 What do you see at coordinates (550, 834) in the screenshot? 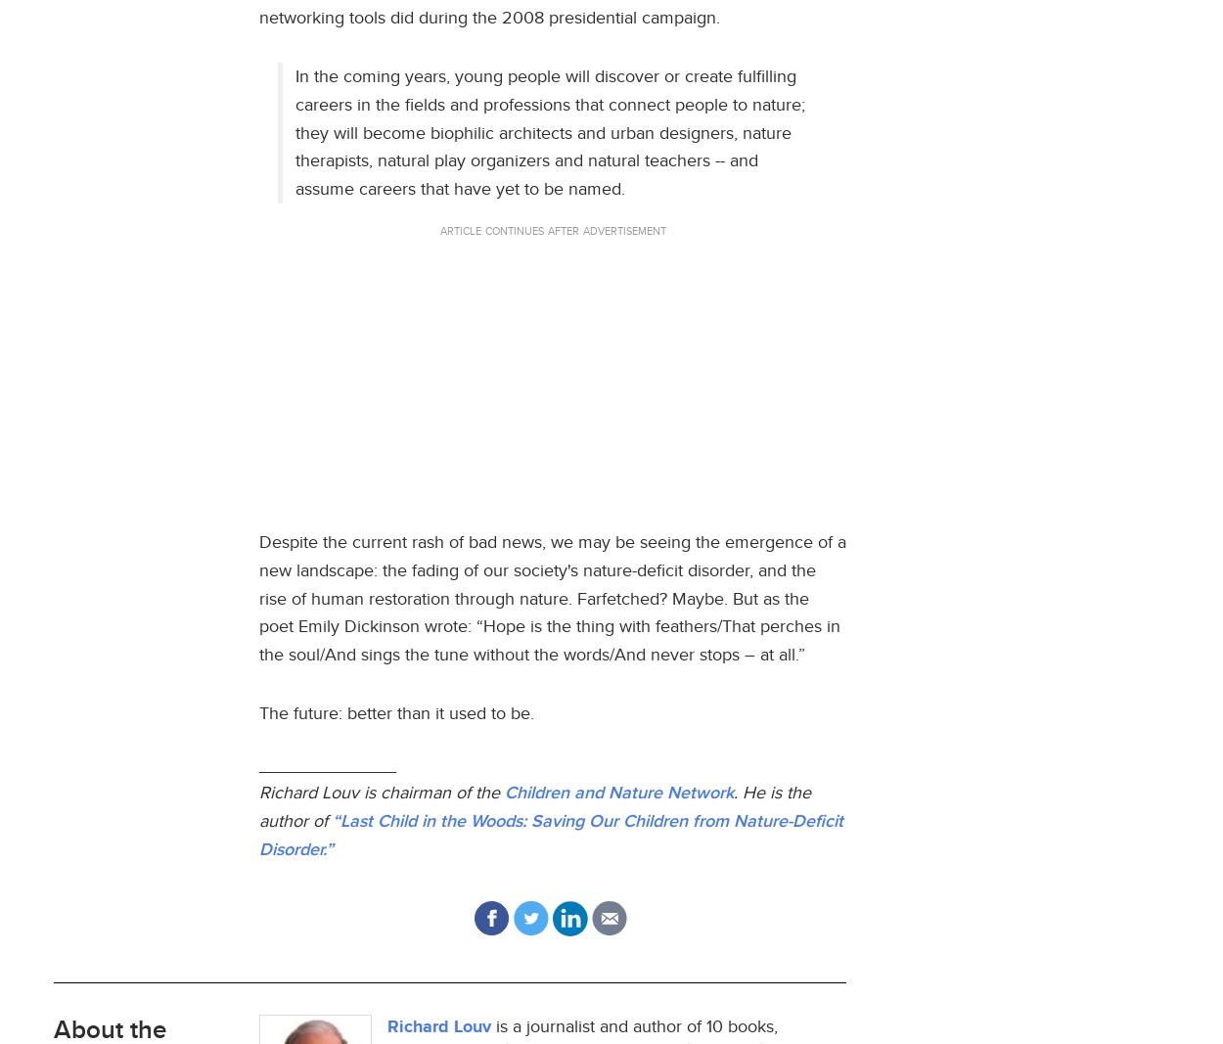
I see `'“Last Child in the Woods: Saving Our Children from Nature-Deficit Disorder.”'` at bounding box center [550, 834].